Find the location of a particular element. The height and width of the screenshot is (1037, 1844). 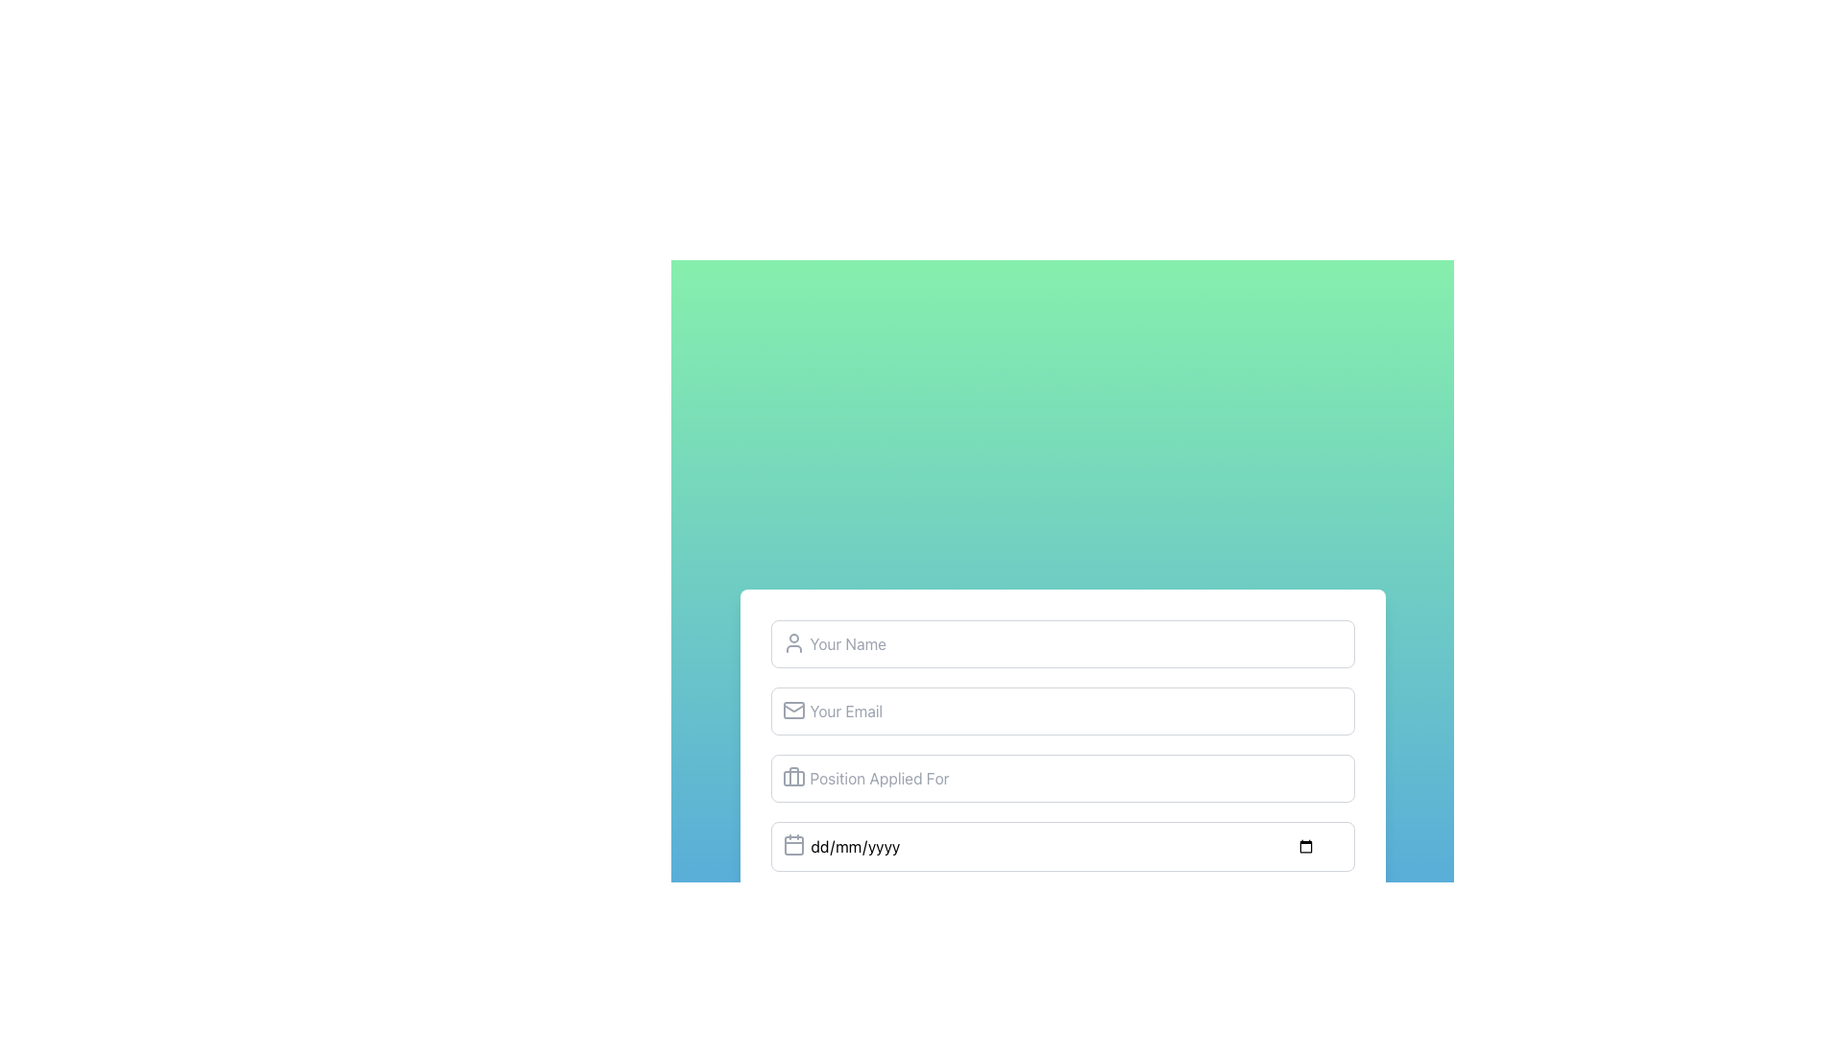

the Icon component within the SVG that is located next to the 'Position Applied For' input field in the vertical form interface is located at coordinates (793, 778).